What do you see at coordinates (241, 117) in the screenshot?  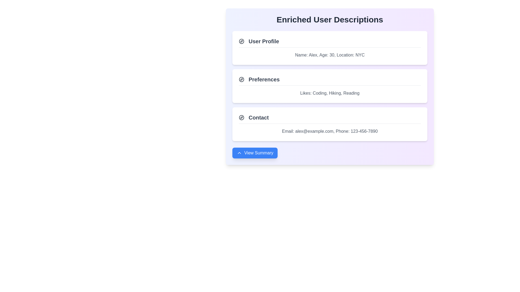 I see `the SVG circle element that is part of a compass graphic, positioned next to the 'Contact' heading` at bounding box center [241, 117].